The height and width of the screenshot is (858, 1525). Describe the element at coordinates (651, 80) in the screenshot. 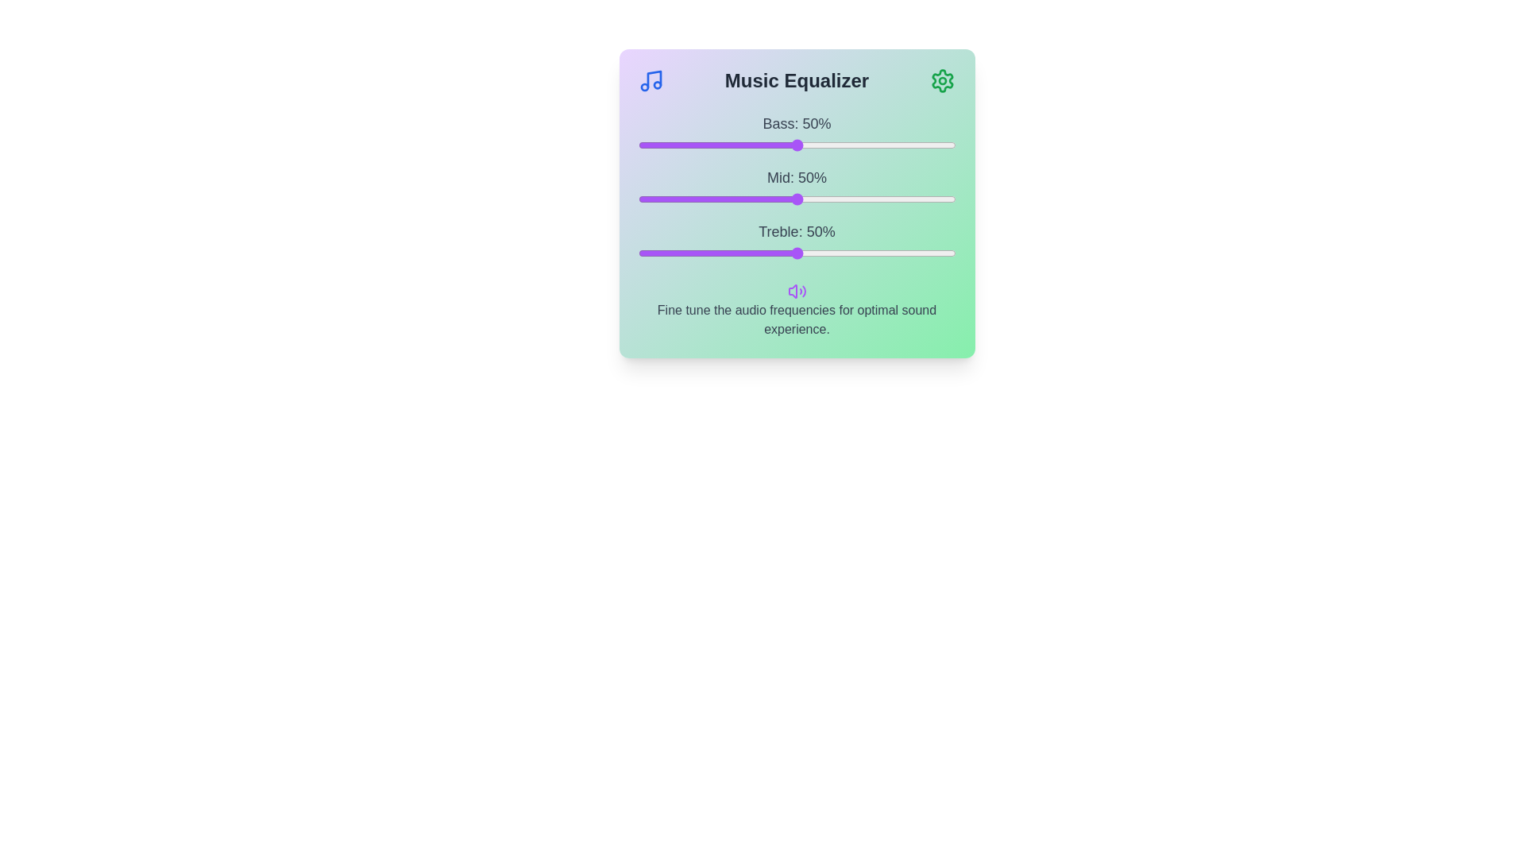

I see `the music icon in the MusicEqualizer component` at that location.